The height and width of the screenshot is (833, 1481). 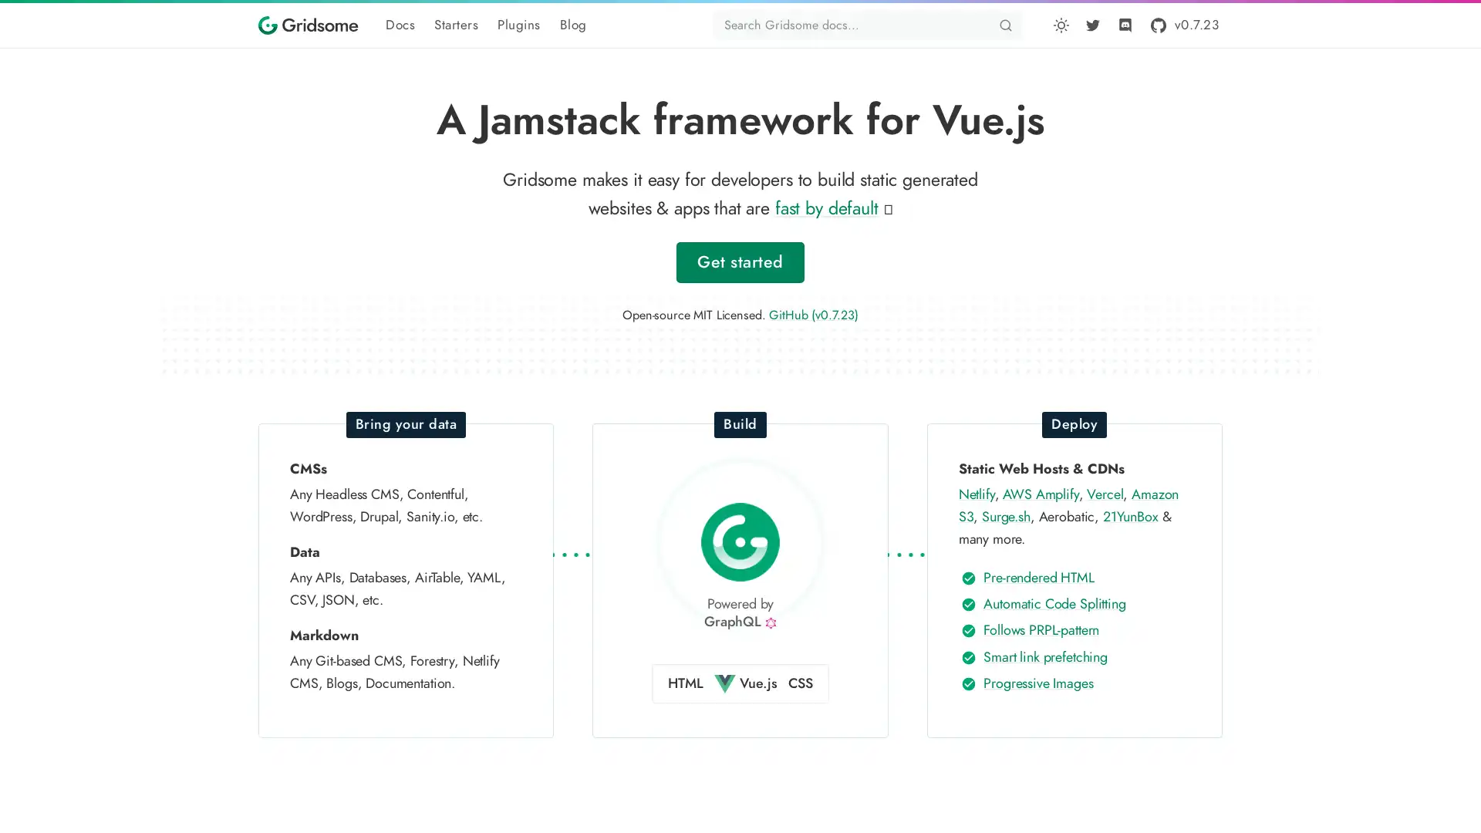 I want to click on Toggle dark, so click(x=1059, y=25).